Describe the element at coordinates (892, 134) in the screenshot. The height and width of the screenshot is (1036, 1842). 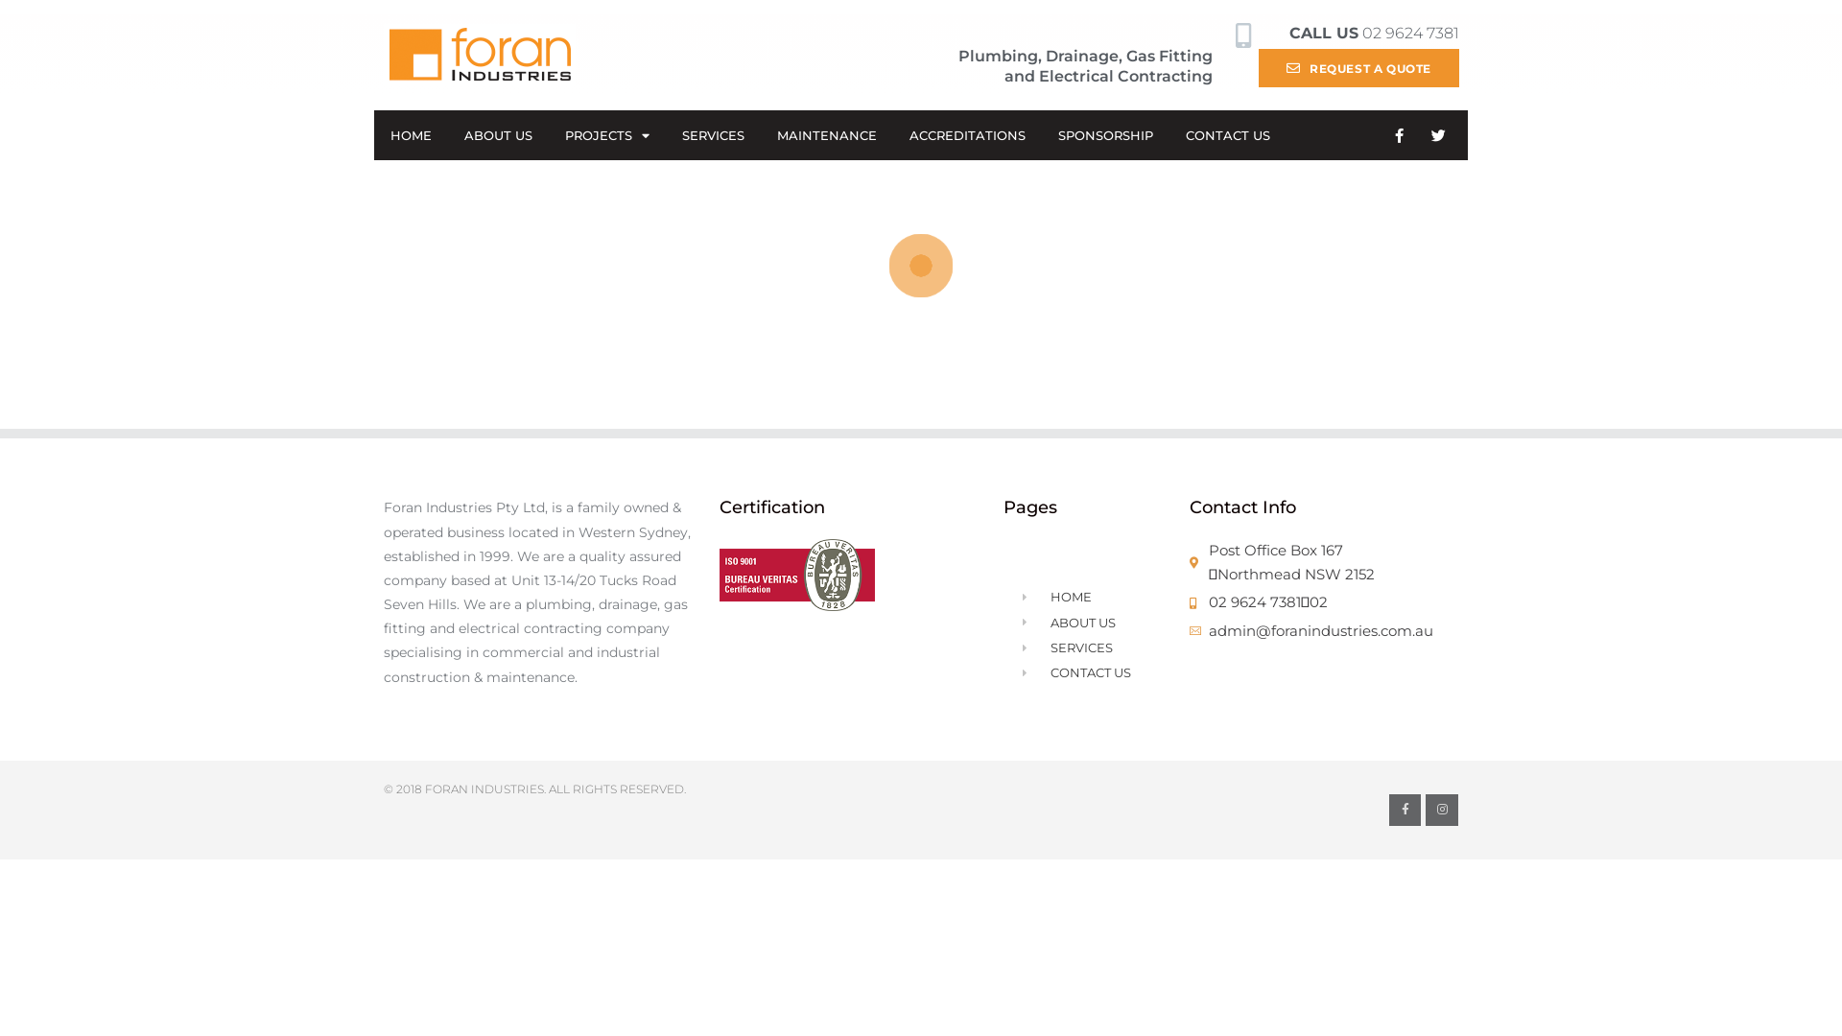
I see `'ACCREDITATIONS'` at that location.